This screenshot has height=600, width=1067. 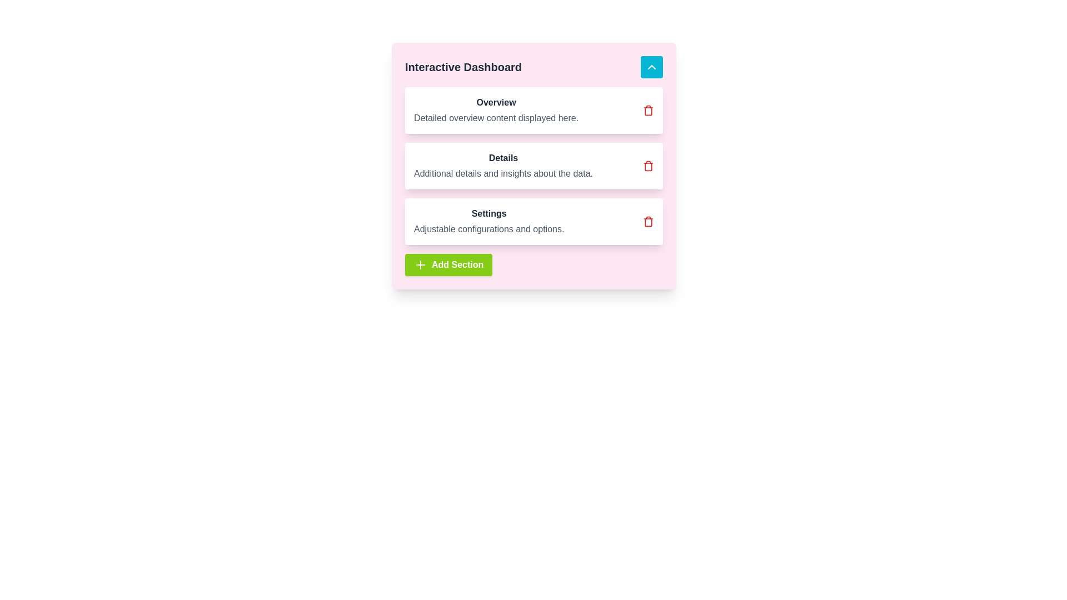 I want to click on the 'Details' text label, which is styled in bold and displayed in dark gray on a white background, located within the 'Interactive Dashboard' section, so click(x=503, y=158).